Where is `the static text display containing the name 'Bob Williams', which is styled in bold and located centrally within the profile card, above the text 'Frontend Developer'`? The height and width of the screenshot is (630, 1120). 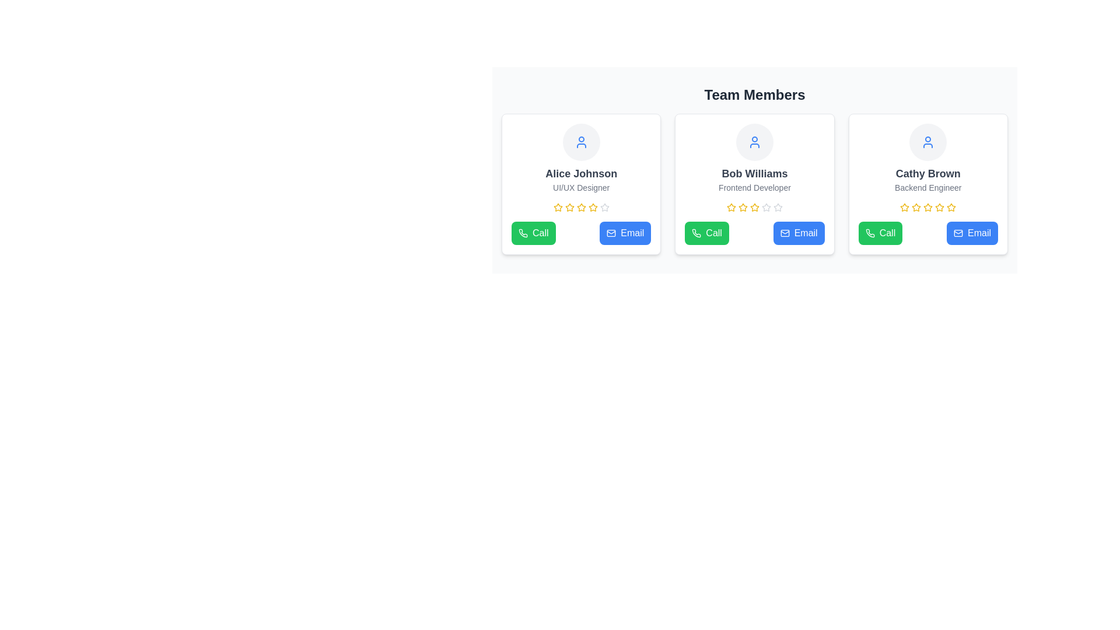
the static text display containing the name 'Bob Williams', which is styled in bold and located centrally within the profile card, above the text 'Frontend Developer' is located at coordinates (755, 173).